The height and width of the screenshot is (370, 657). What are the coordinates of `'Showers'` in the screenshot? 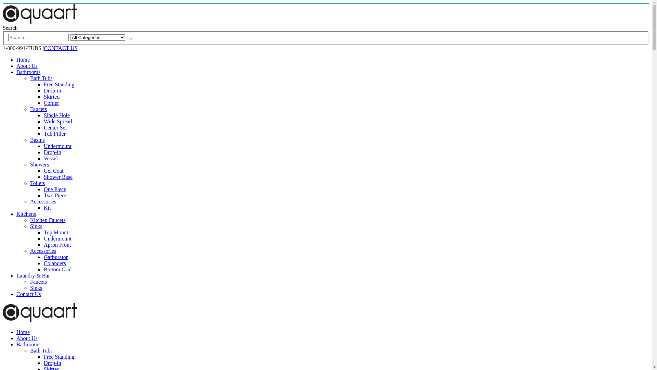 It's located at (39, 164).